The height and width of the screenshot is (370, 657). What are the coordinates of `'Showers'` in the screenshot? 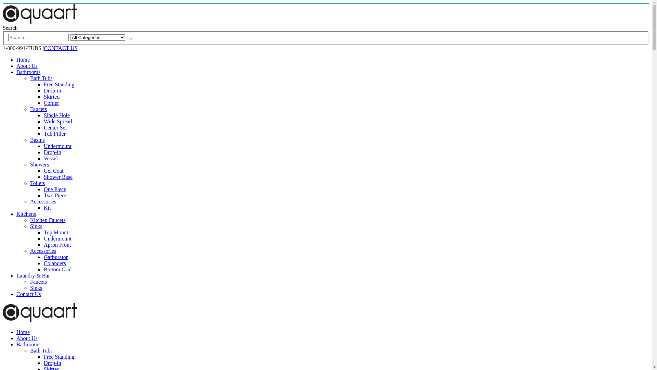 It's located at (39, 164).